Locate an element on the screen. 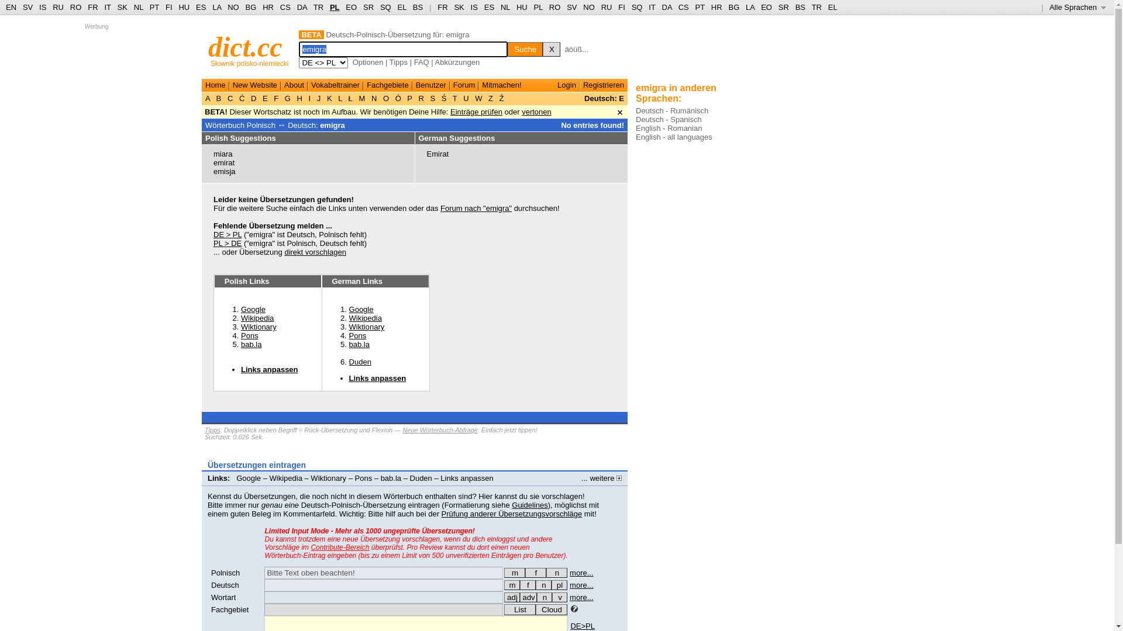  'Deutsch: E' is located at coordinates (604, 98).